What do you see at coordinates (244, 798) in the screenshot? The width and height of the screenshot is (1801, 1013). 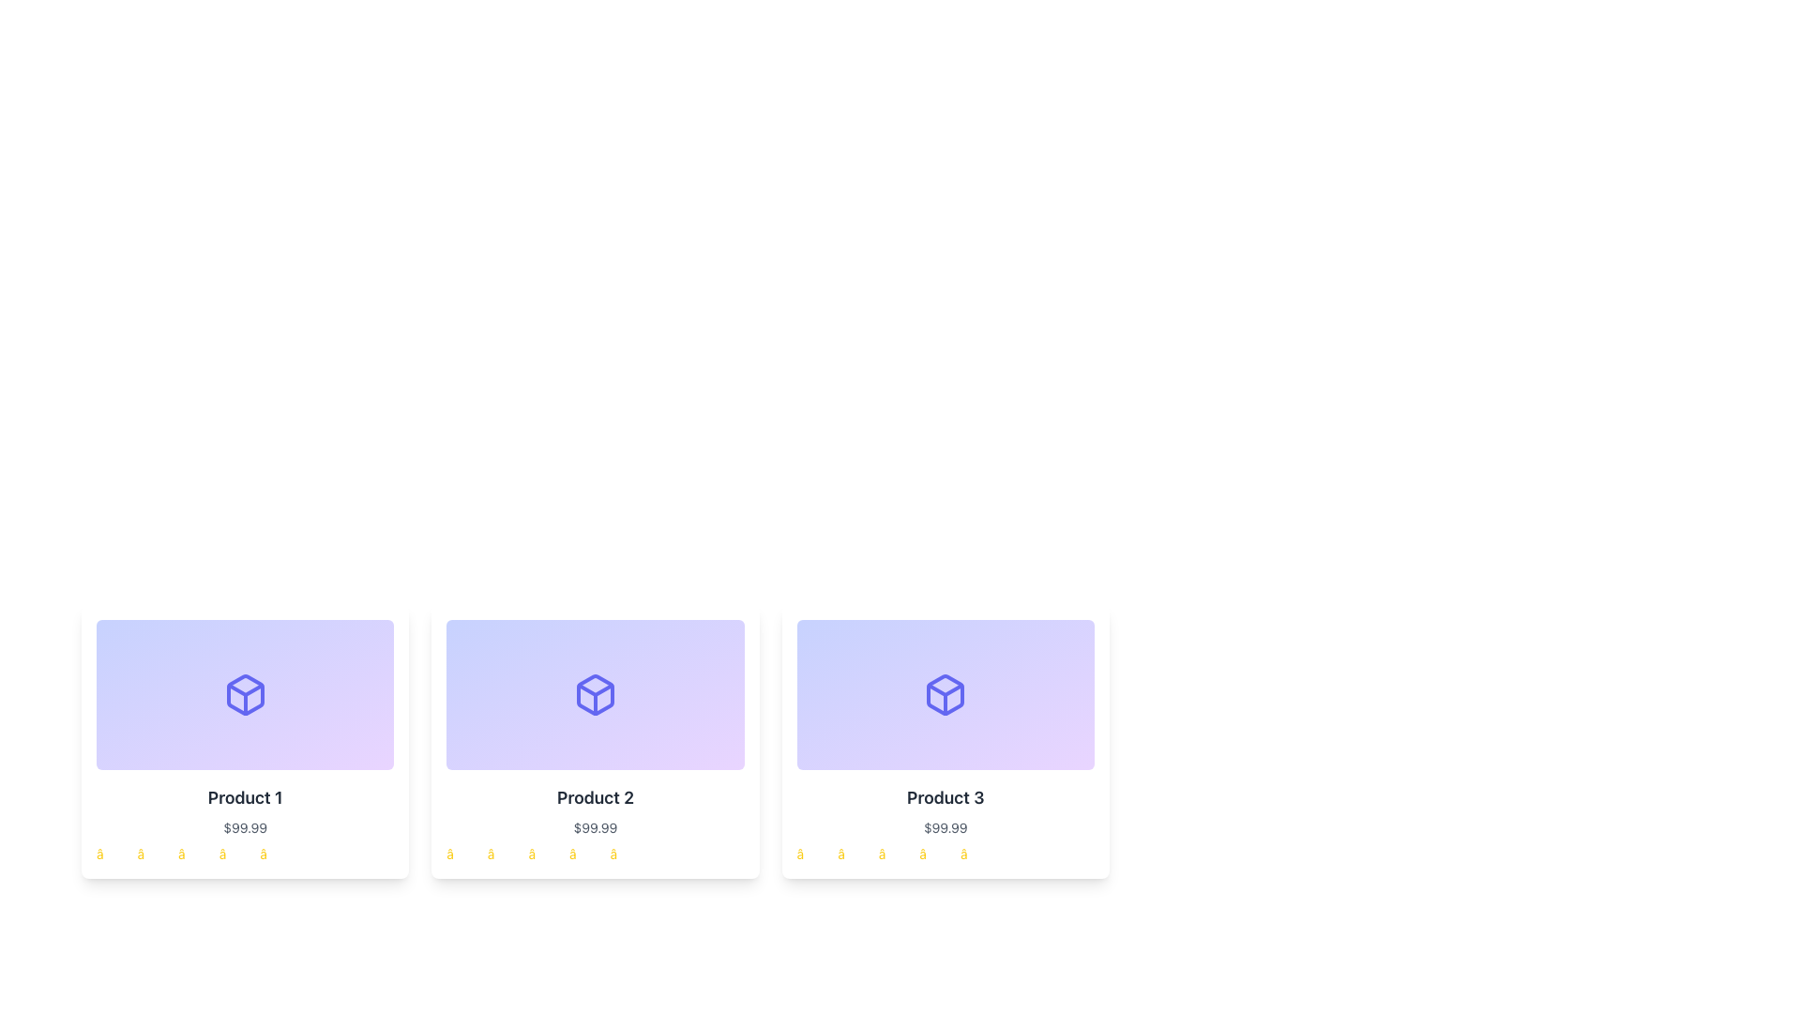 I see `the 'Product 1' text label located below the image in the first card of a three-card layout` at bounding box center [244, 798].